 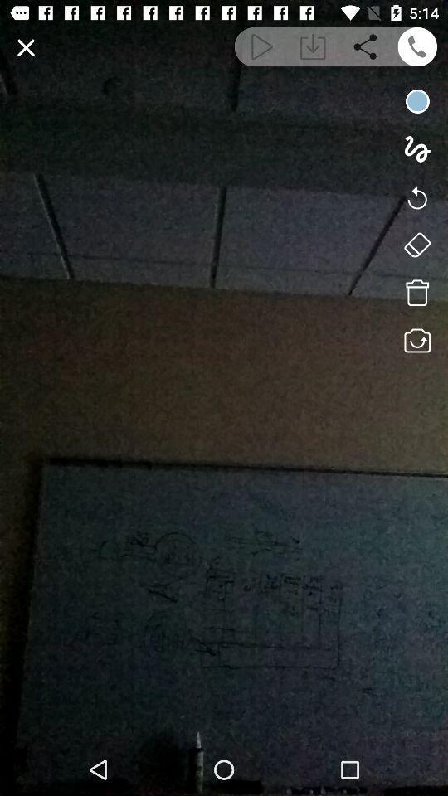 What do you see at coordinates (416, 293) in the screenshot?
I see `the delete icon` at bounding box center [416, 293].